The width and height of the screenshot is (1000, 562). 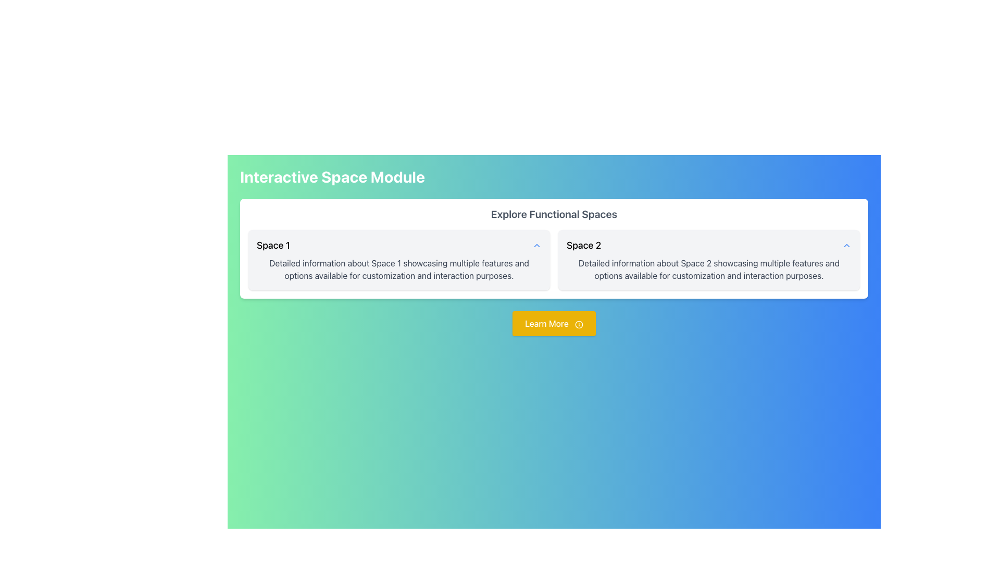 I want to click on the upward-pointing blue chevron icon button located in the upper-right portion of the 'Space 2' section, so click(x=847, y=245).